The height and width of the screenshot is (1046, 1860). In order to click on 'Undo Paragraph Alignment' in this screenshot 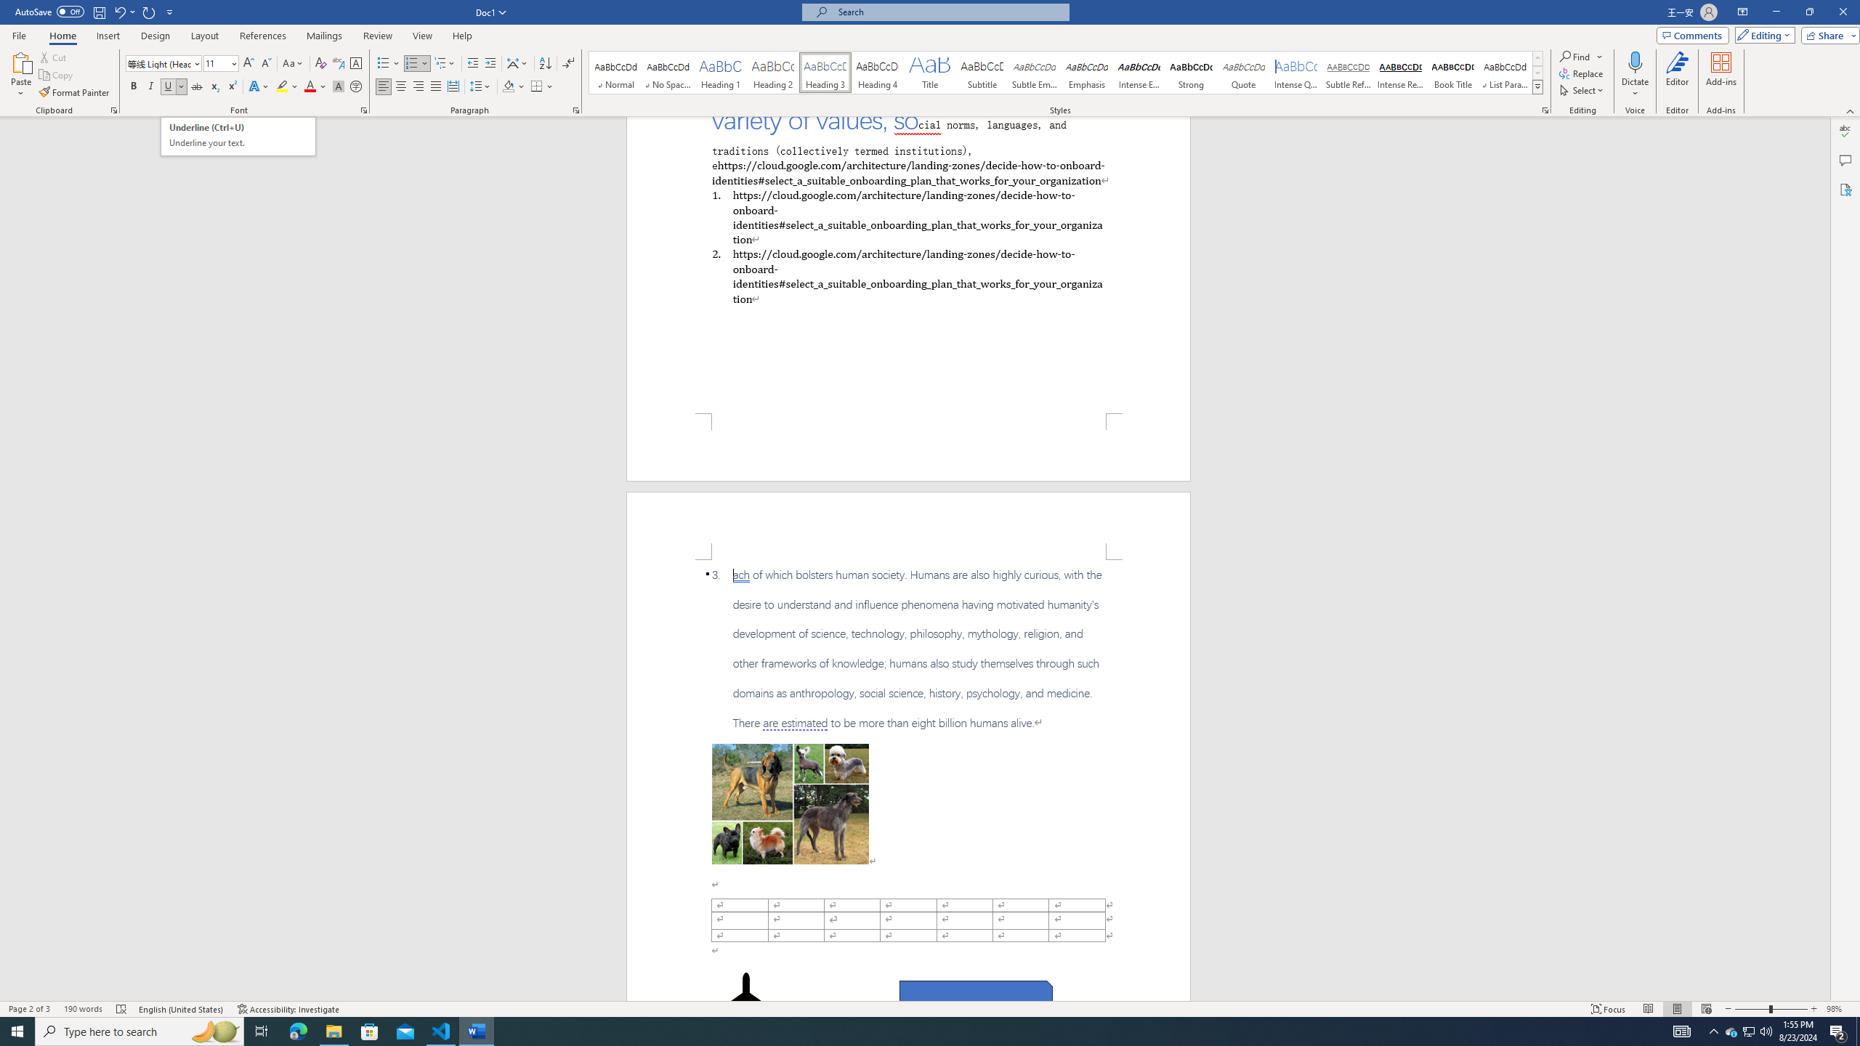, I will do `click(118, 11)`.